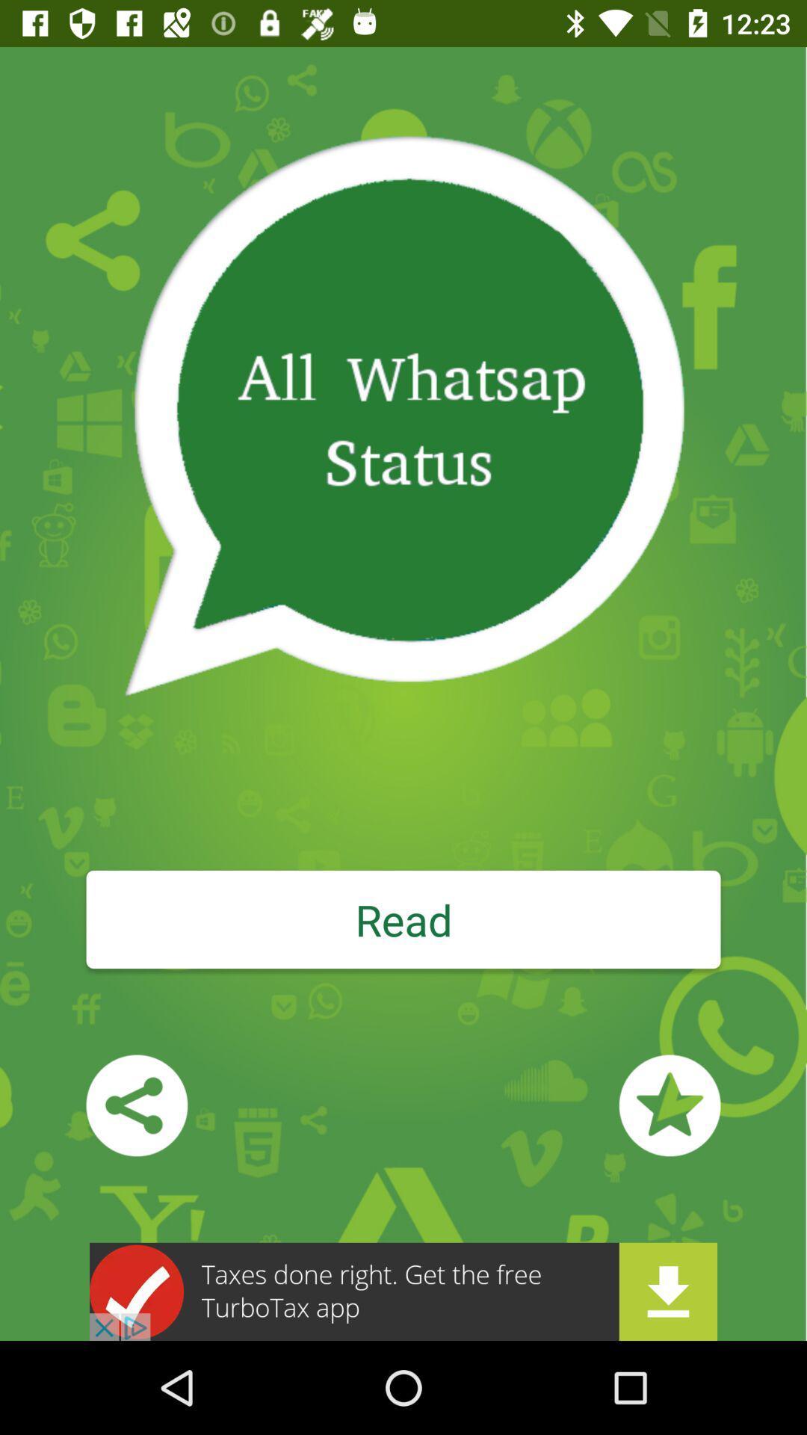 The height and width of the screenshot is (1435, 807). I want to click on opens up advertisement, so click(403, 1291).